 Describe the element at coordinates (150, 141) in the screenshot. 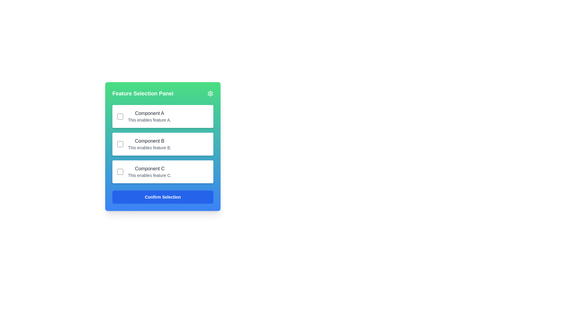

I see `the text label displaying 'Component B' in the 'Feature Selection Panel', which is styled in dark gray and located above the description 'This enables feature B.'` at that location.